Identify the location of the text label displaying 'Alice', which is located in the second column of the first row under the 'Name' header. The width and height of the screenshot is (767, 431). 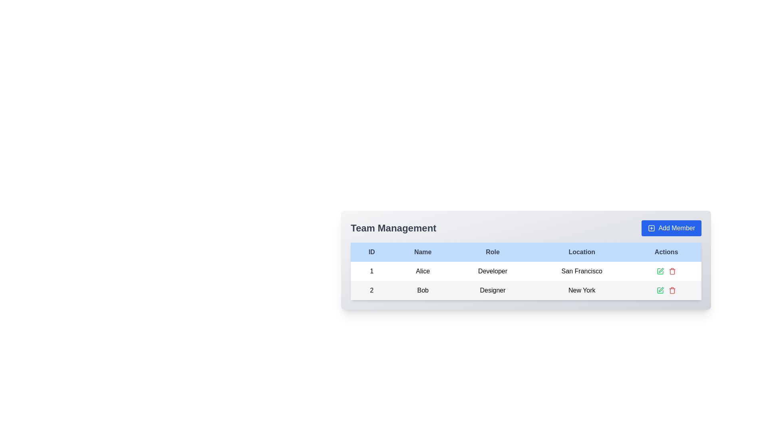
(422, 271).